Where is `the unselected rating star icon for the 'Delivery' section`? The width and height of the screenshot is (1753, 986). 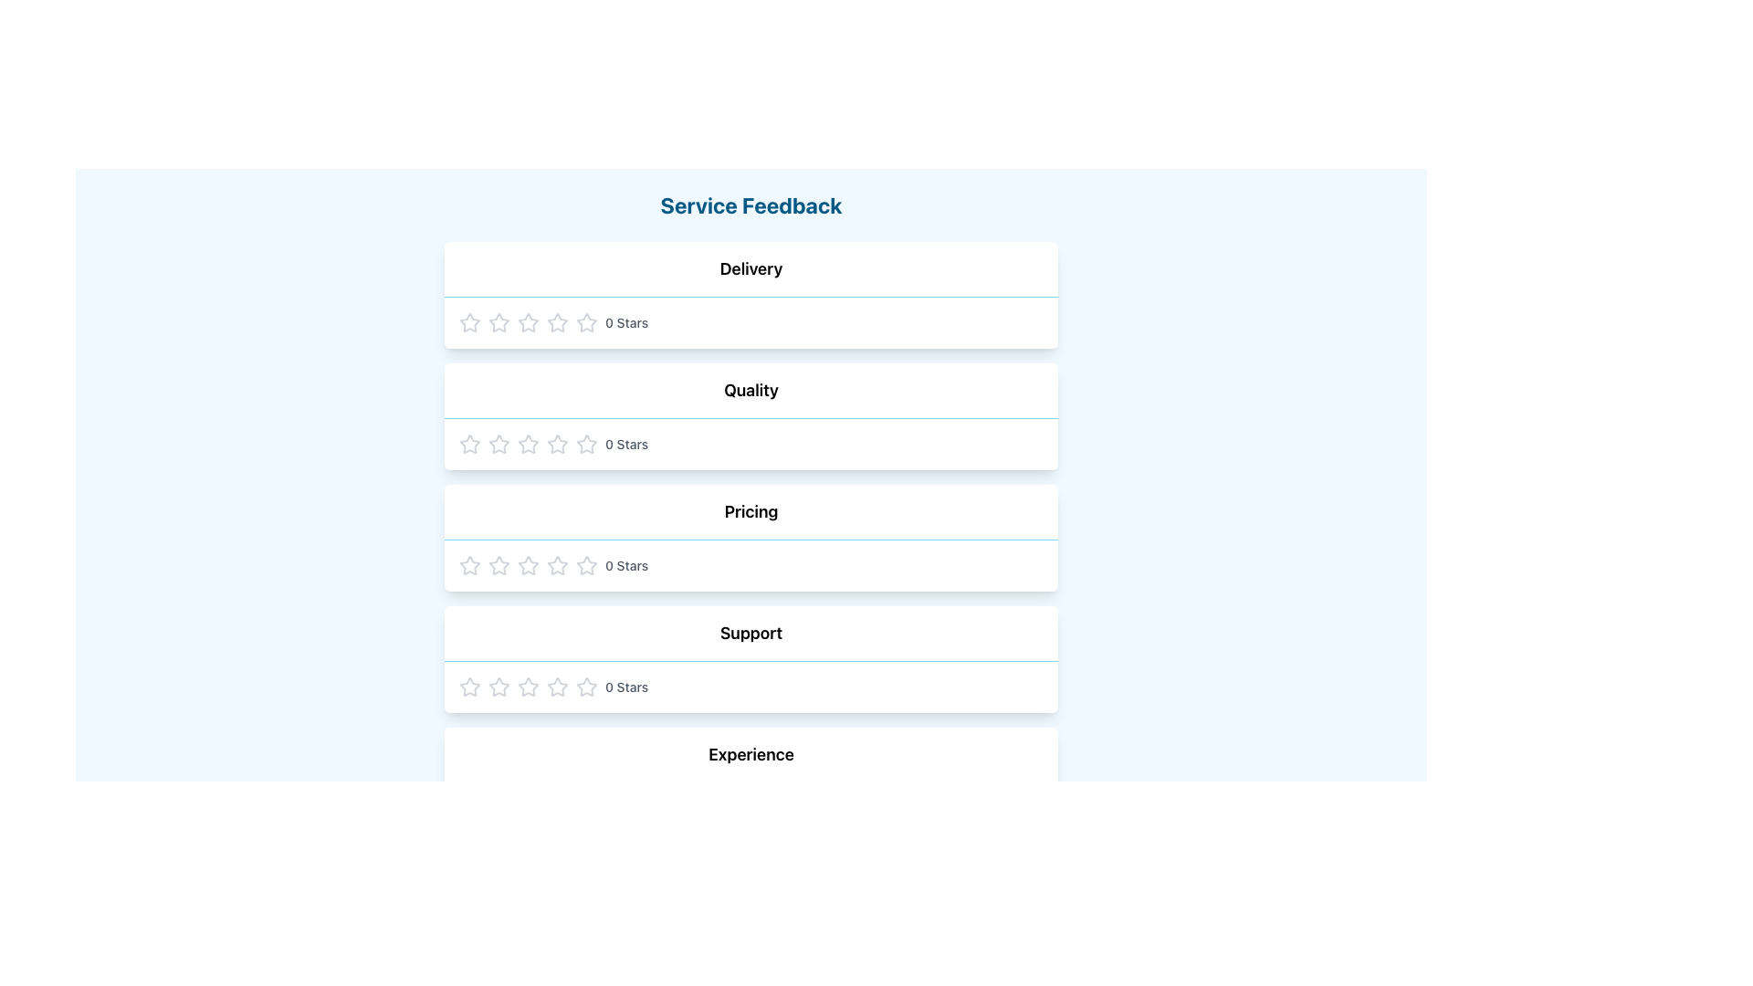 the unselected rating star icon for the 'Delivery' section is located at coordinates (587, 322).